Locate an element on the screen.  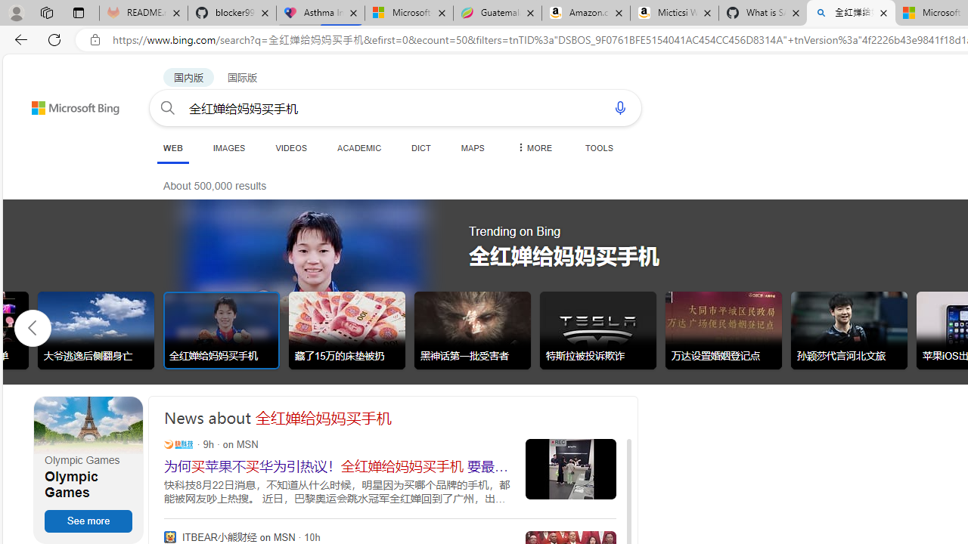
'Back to Bing search' is located at coordinates (65, 104).